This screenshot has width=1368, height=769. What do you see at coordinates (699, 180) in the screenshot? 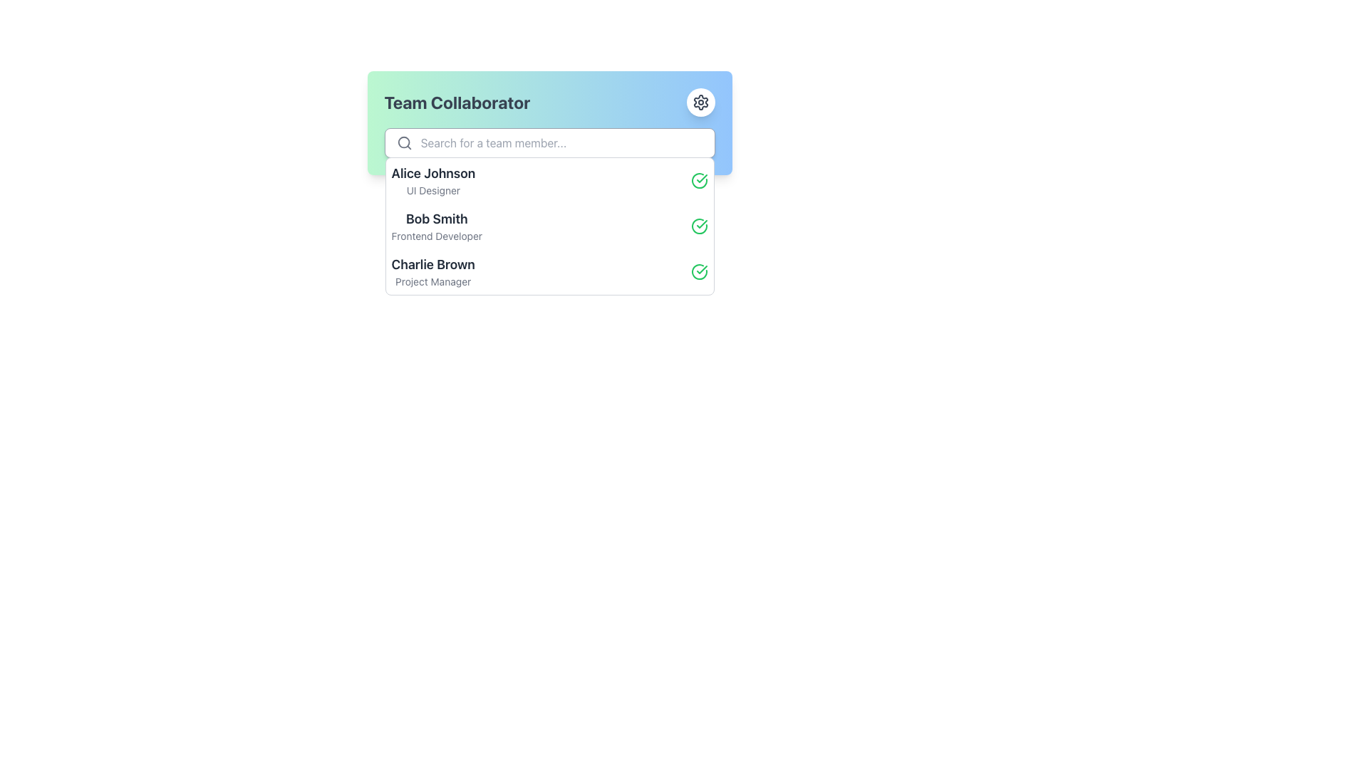
I see `the green circular icon with a white checkmark, located to the right of 'Alice Johnson' and 'UI Designer' in the dropdown menu` at bounding box center [699, 180].